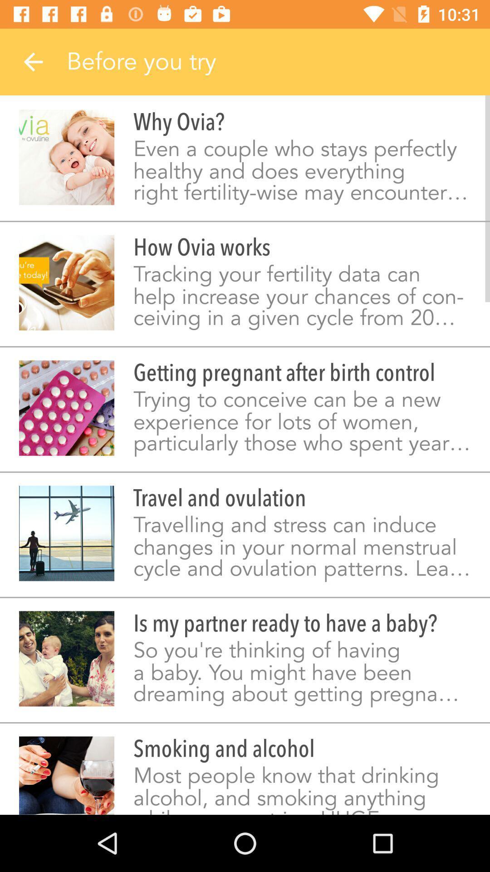 This screenshot has height=872, width=490. Describe the element at coordinates (278, 61) in the screenshot. I see `the item above why ovia? item` at that location.